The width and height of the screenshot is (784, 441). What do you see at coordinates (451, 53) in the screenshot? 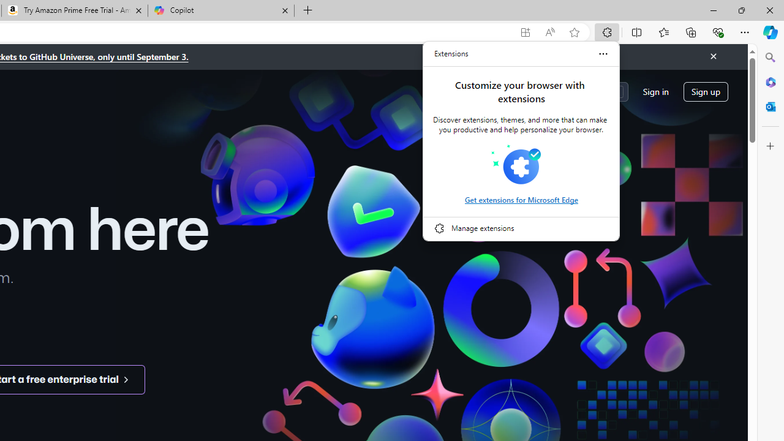
I see `'Extensions'` at bounding box center [451, 53].